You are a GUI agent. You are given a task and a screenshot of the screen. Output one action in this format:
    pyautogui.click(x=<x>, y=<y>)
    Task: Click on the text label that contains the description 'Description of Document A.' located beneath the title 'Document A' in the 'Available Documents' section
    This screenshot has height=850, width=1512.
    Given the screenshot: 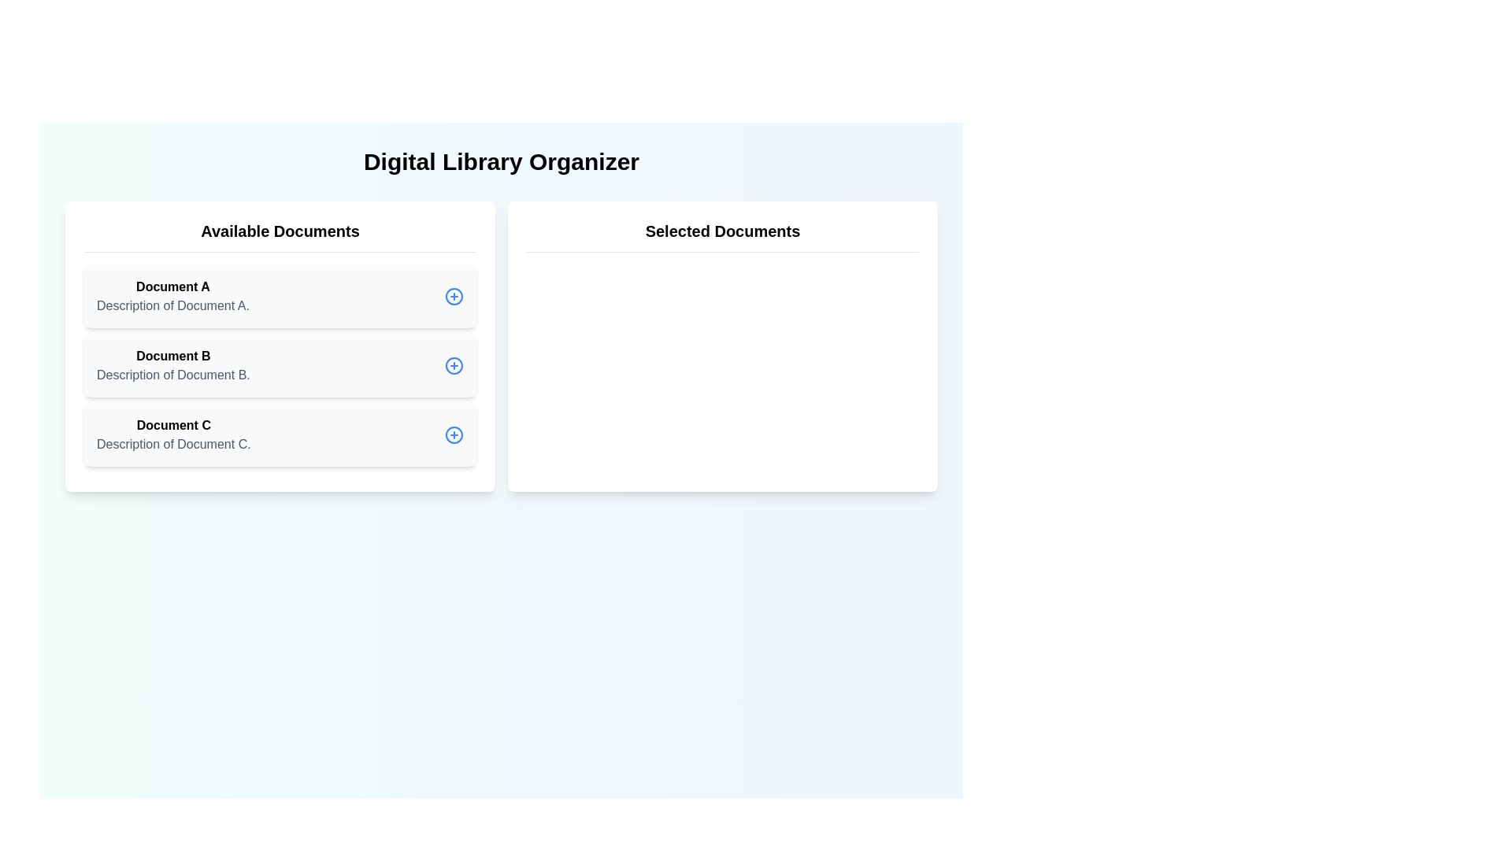 What is the action you would take?
    pyautogui.click(x=173, y=306)
    